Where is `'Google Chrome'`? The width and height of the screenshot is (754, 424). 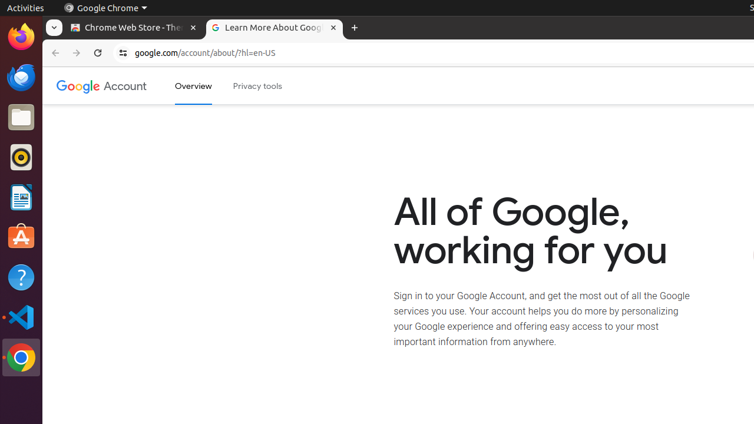 'Google Chrome' is located at coordinates (105, 8).